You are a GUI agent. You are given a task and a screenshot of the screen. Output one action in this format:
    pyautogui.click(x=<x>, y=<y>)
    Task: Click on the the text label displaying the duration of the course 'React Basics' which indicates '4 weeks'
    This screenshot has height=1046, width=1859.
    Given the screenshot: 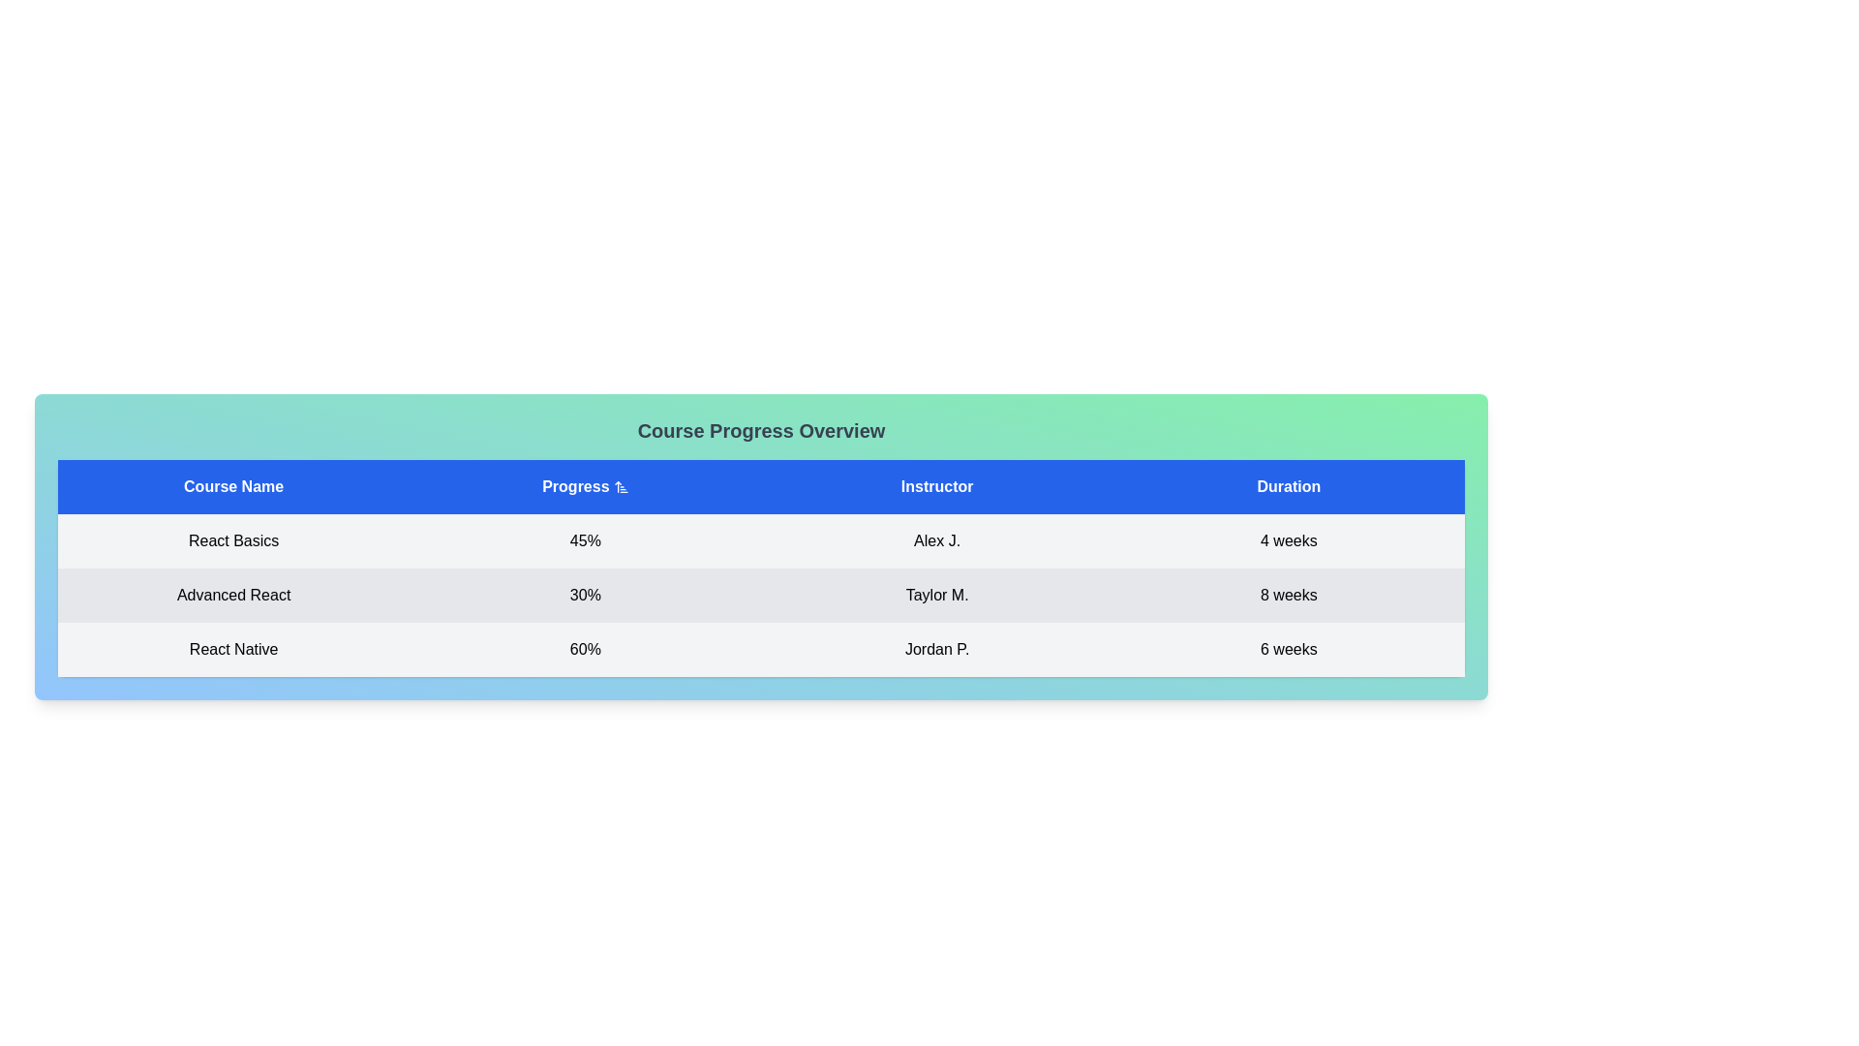 What is the action you would take?
    pyautogui.click(x=1289, y=541)
    